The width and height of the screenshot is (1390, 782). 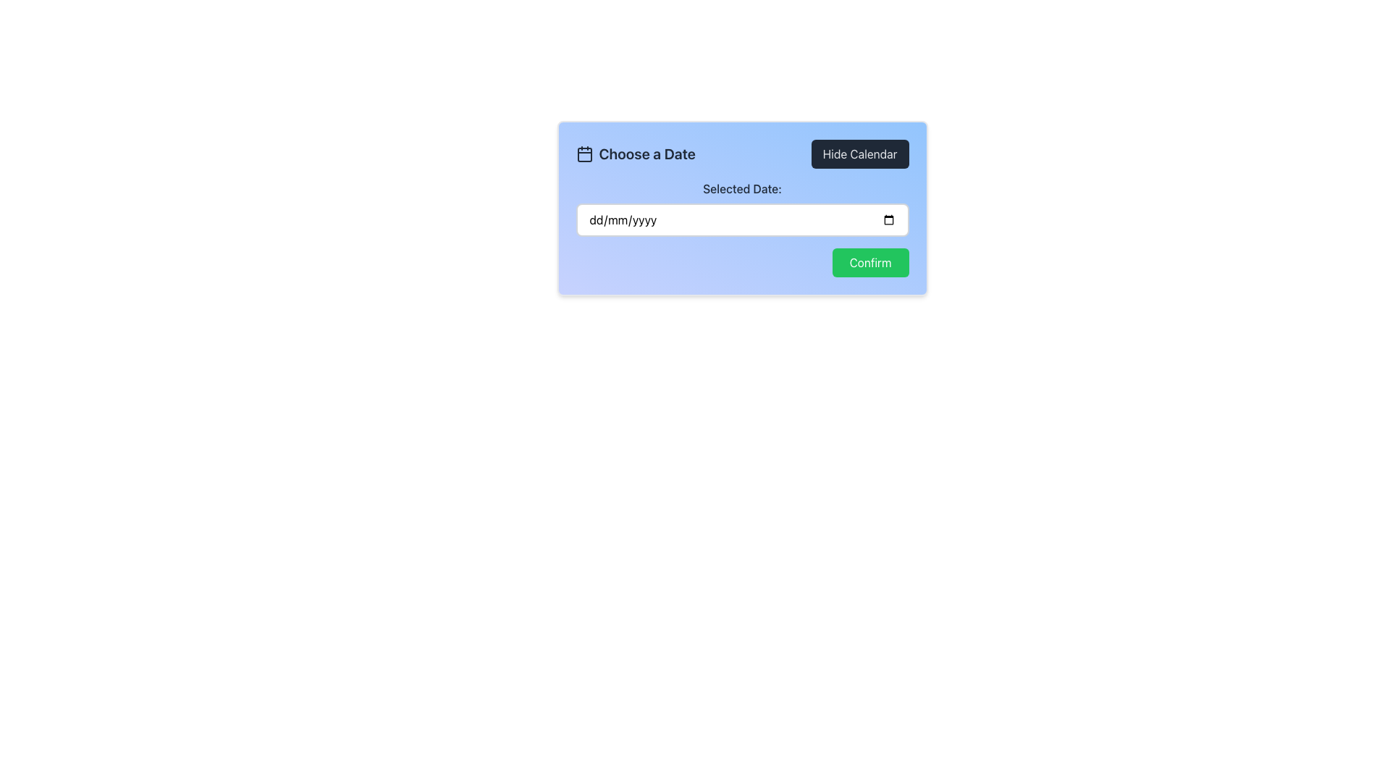 I want to click on the text label displaying 'Selected Date:' which is bold and dark gray, located under the title 'Choose a Date' and above the date input field, so click(x=742, y=188).